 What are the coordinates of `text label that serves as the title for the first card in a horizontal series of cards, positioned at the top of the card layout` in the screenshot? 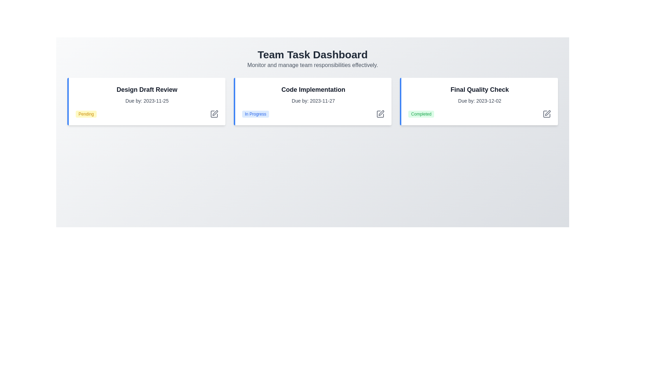 It's located at (147, 89).